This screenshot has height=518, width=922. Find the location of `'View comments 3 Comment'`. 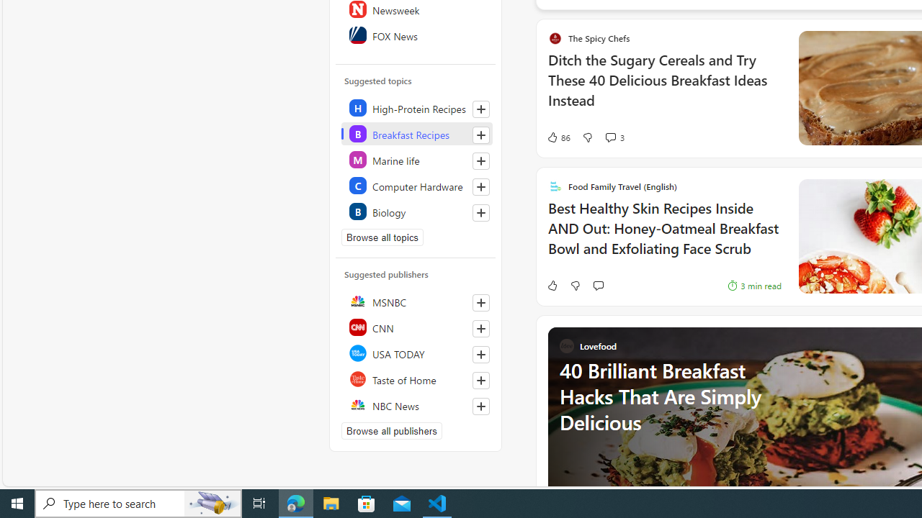

'View comments 3 Comment' is located at coordinates (610, 137).